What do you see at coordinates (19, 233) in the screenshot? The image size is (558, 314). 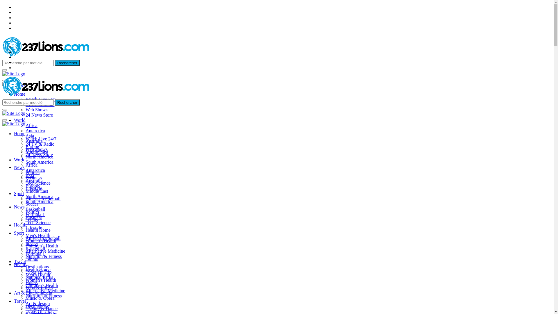 I see `'Sport'` at bounding box center [19, 233].